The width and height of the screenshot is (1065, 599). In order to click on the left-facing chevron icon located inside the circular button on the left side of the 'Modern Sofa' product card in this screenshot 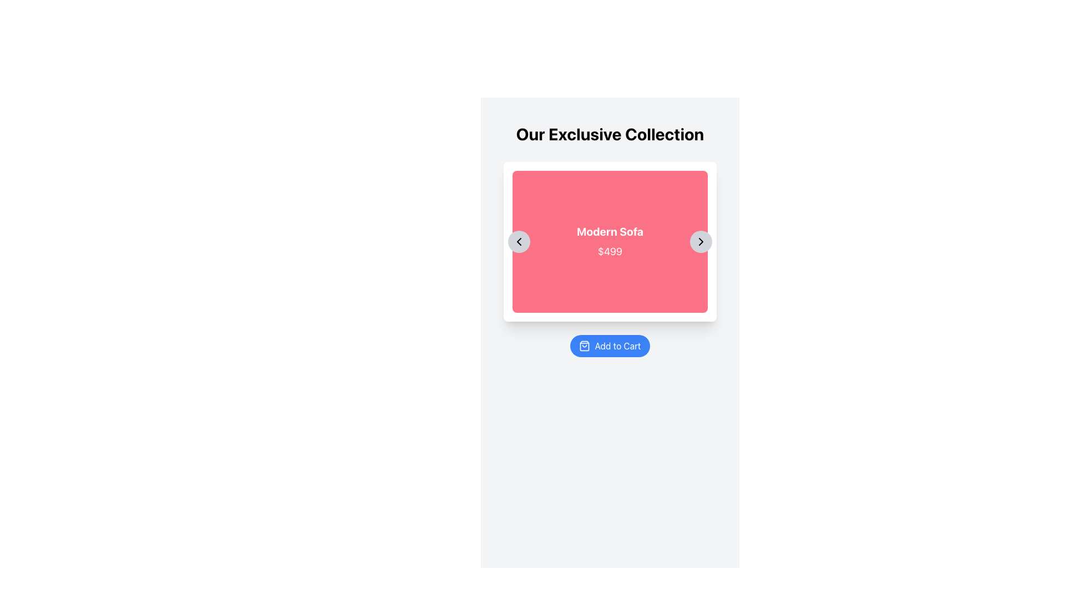, I will do `click(519, 241)`.